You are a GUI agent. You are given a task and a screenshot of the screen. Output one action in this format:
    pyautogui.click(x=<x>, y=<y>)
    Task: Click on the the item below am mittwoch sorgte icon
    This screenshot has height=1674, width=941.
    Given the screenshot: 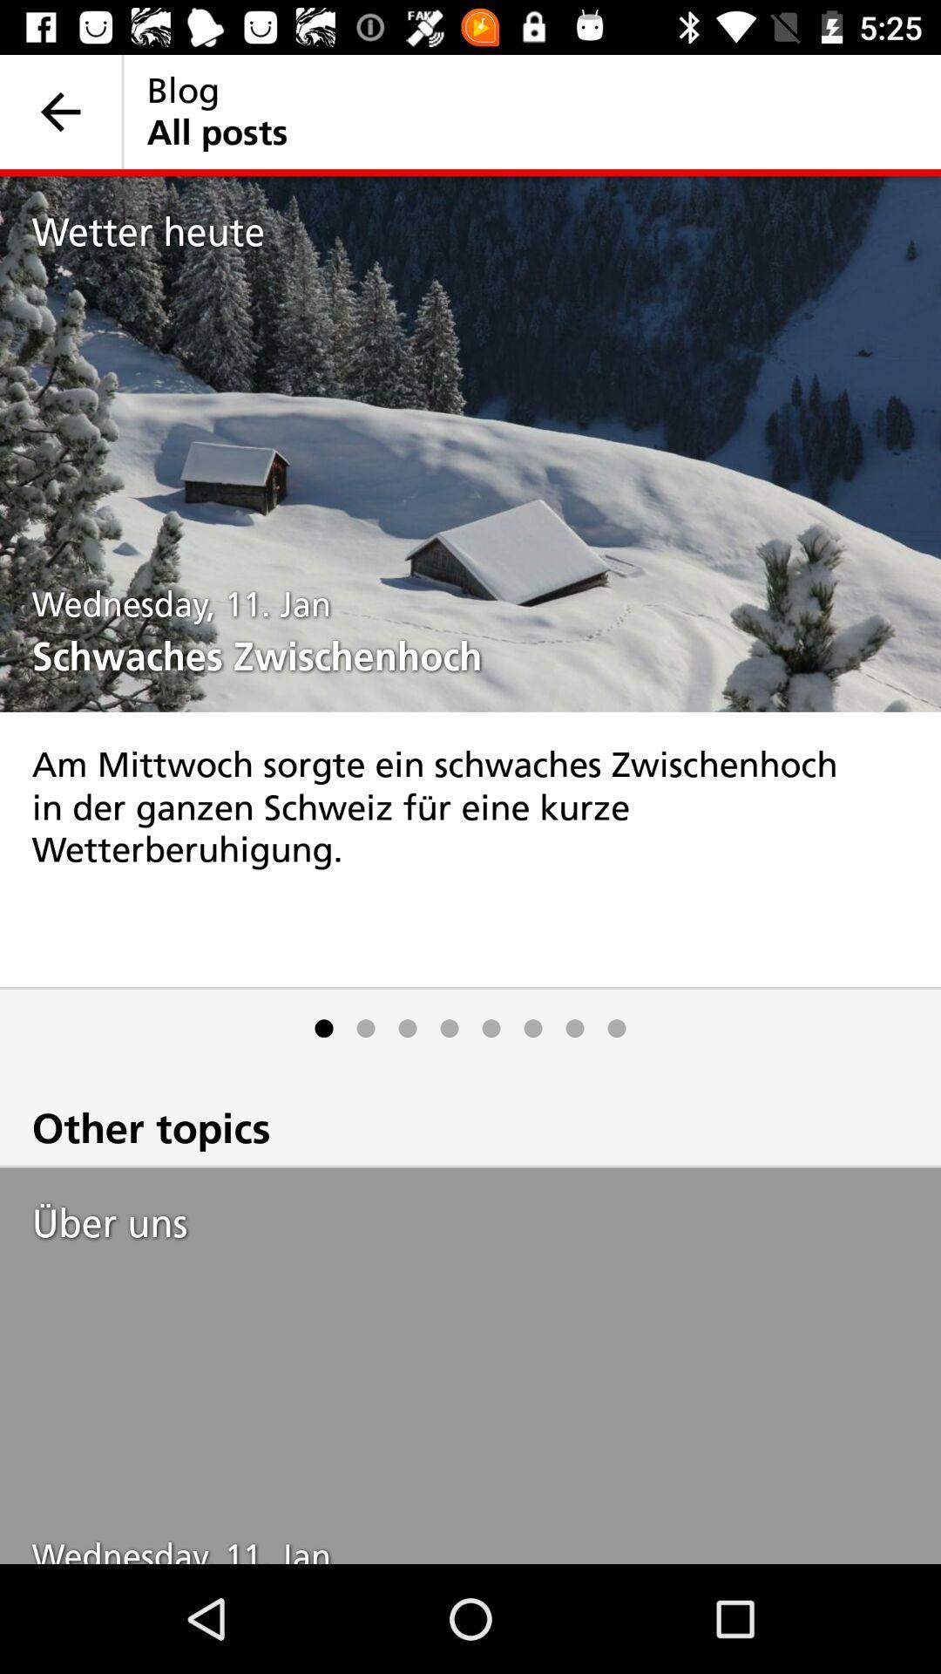 What is the action you would take?
    pyautogui.click(x=407, y=1028)
    